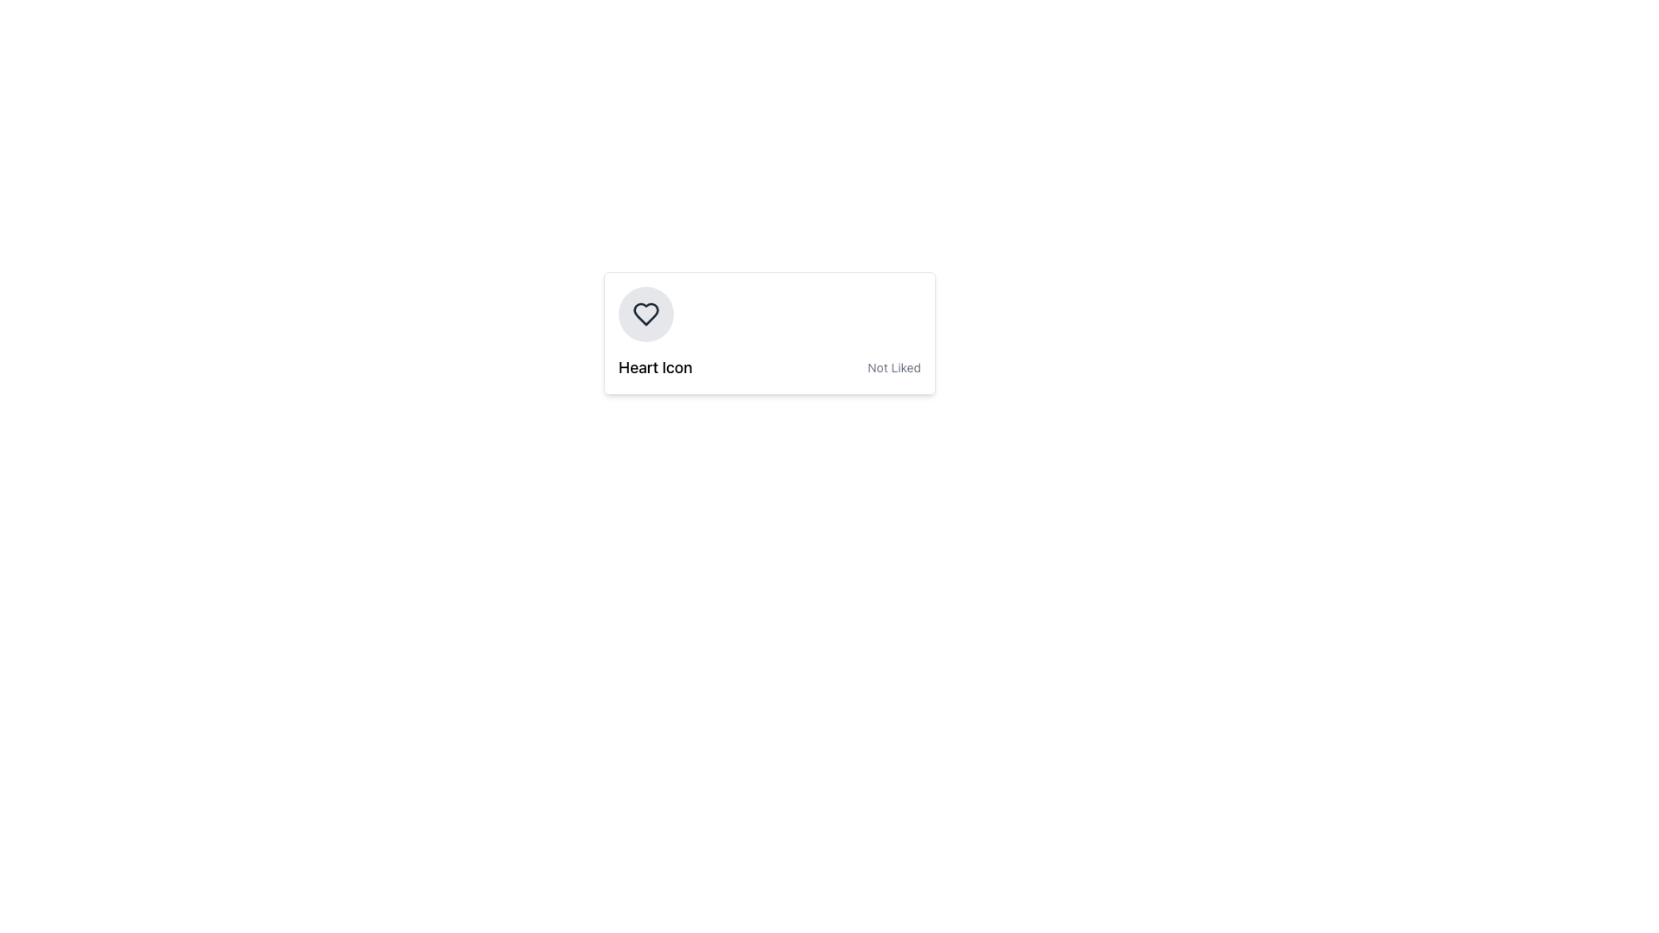 This screenshot has width=1659, height=933. I want to click on the text label displaying 'Heart Icon', which is styled in medium bold font, located within a card-like component and positioned below a heart-shaped icon, so click(654, 366).